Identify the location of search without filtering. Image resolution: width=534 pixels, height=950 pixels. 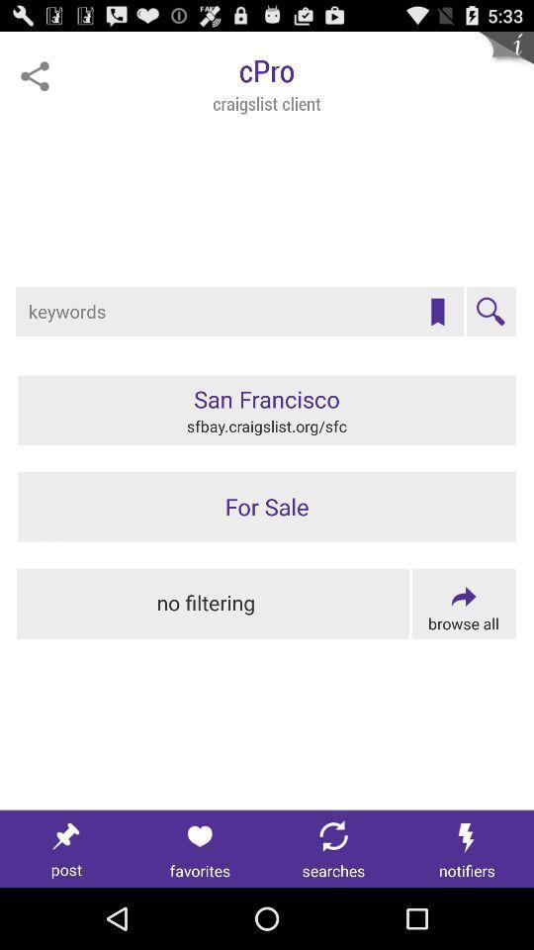
(212, 603).